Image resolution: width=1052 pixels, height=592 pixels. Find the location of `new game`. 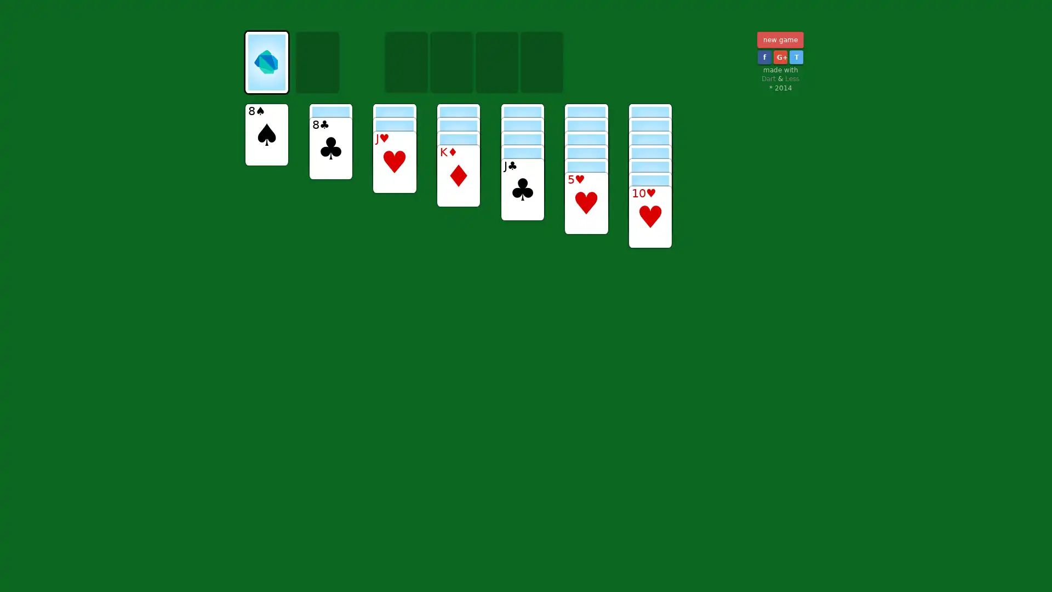

new game is located at coordinates (780, 39).